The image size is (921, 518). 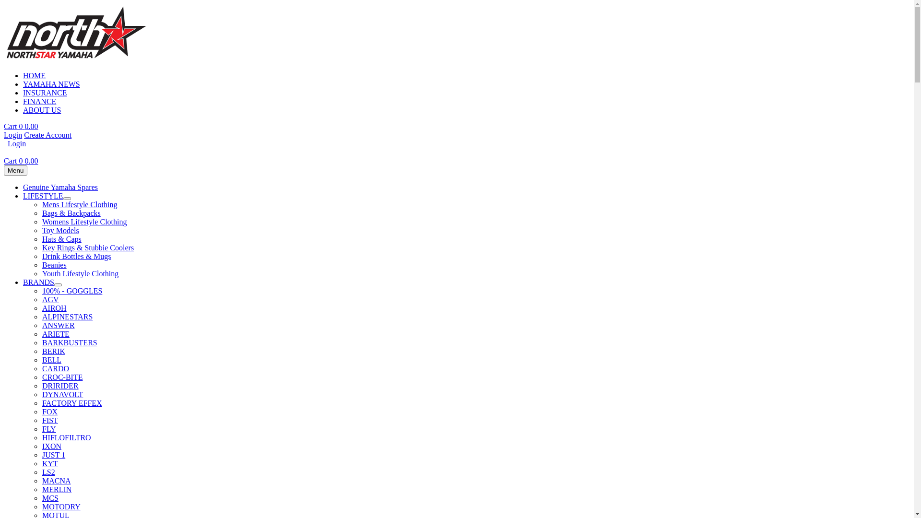 What do you see at coordinates (67, 317) in the screenshot?
I see `'ALPINESTARS'` at bounding box center [67, 317].